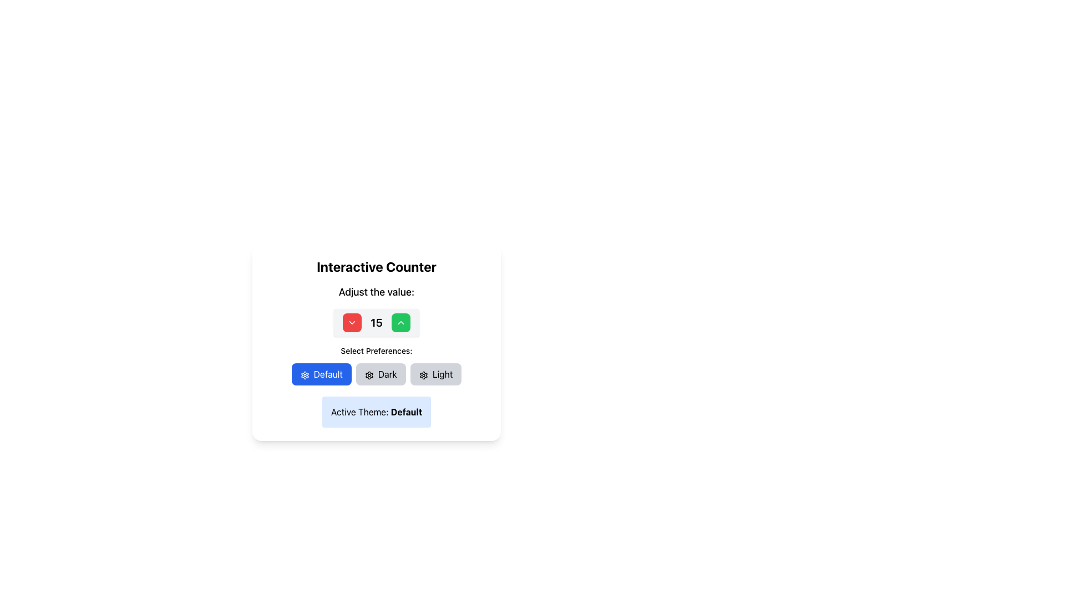  What do you see at coordinates (400, 323) in the screenshot?
I see `the square button with a green background and white text that has an upward-facing chevron icon` at bounding box center [400, 323].